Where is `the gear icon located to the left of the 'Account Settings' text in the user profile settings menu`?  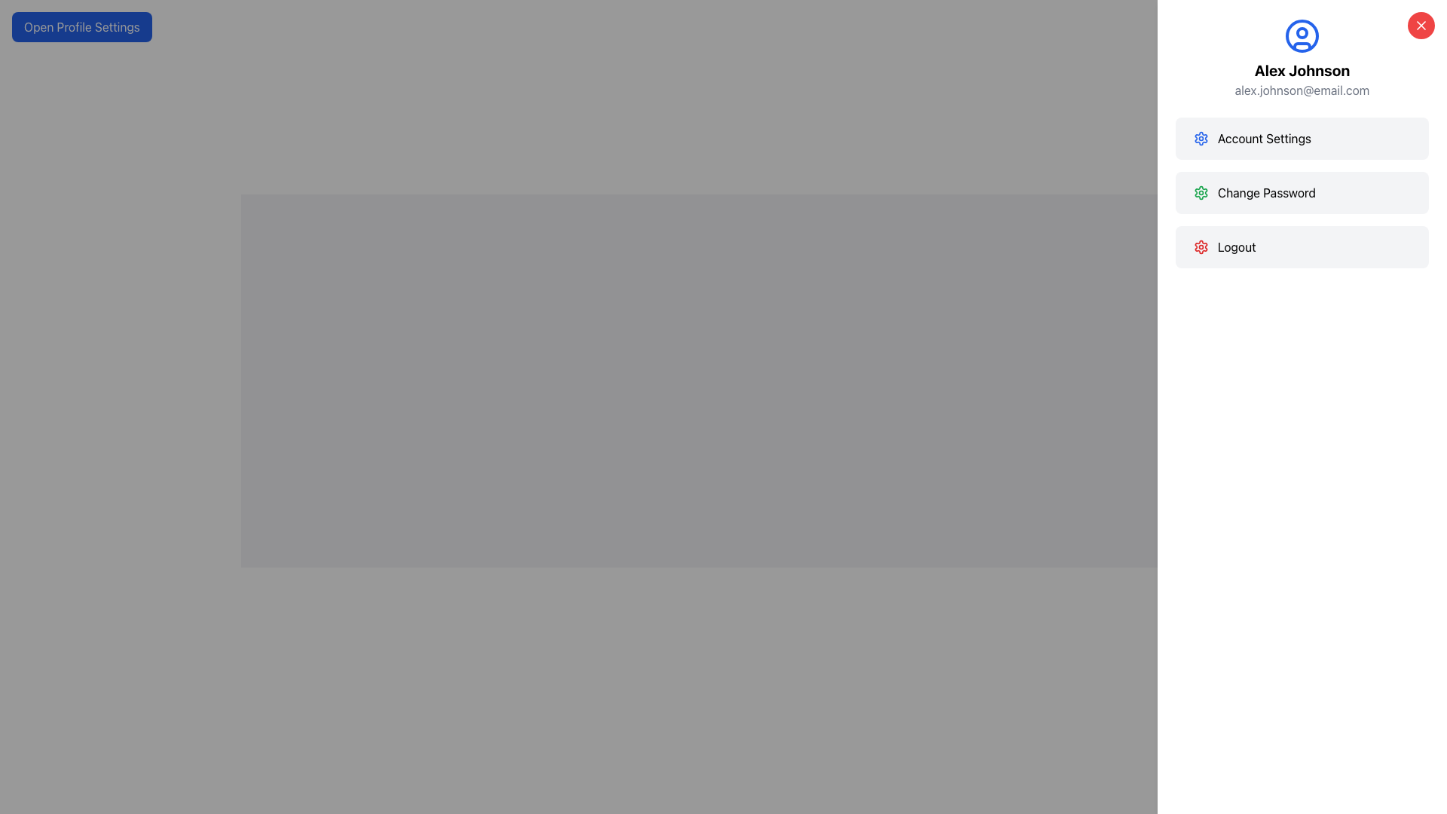
the gear icon located to the left of the 'Account Settings' text in the user profile settings menu is located at coordinates (1200, 139).